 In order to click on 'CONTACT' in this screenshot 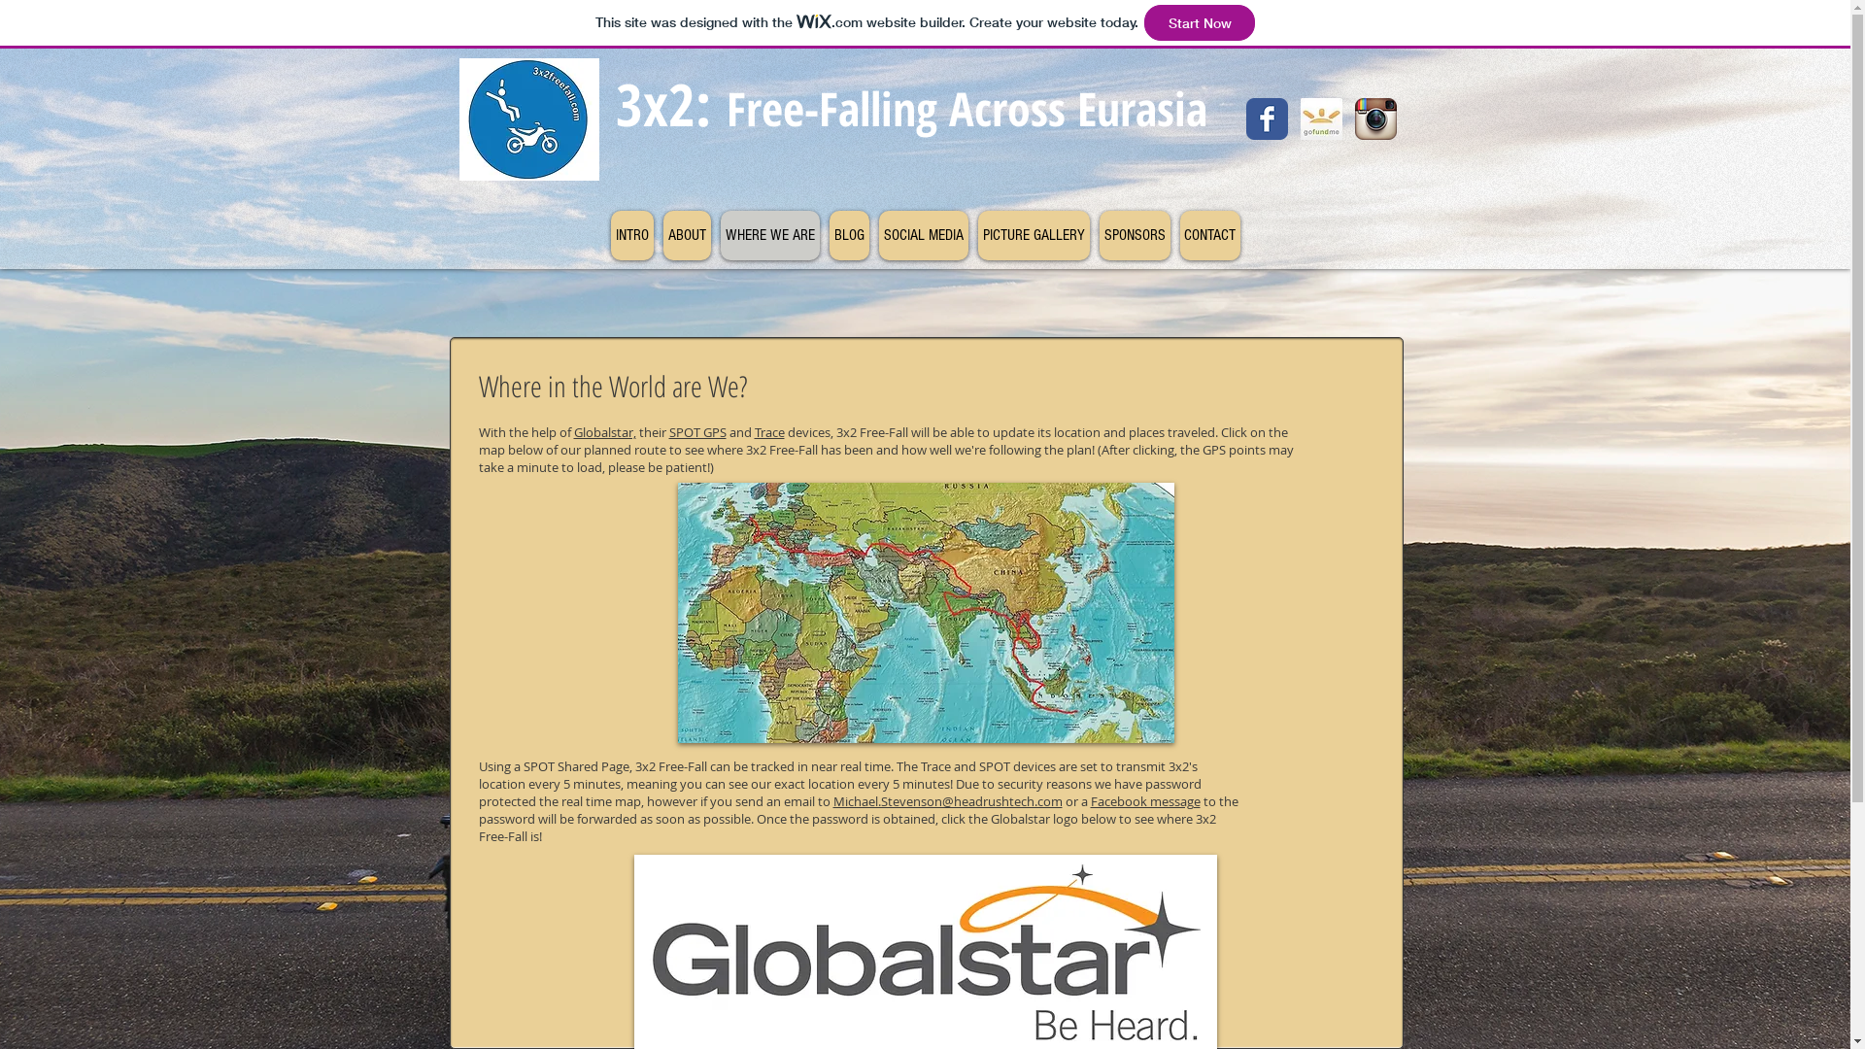, I will do `click(1207, 234)`.